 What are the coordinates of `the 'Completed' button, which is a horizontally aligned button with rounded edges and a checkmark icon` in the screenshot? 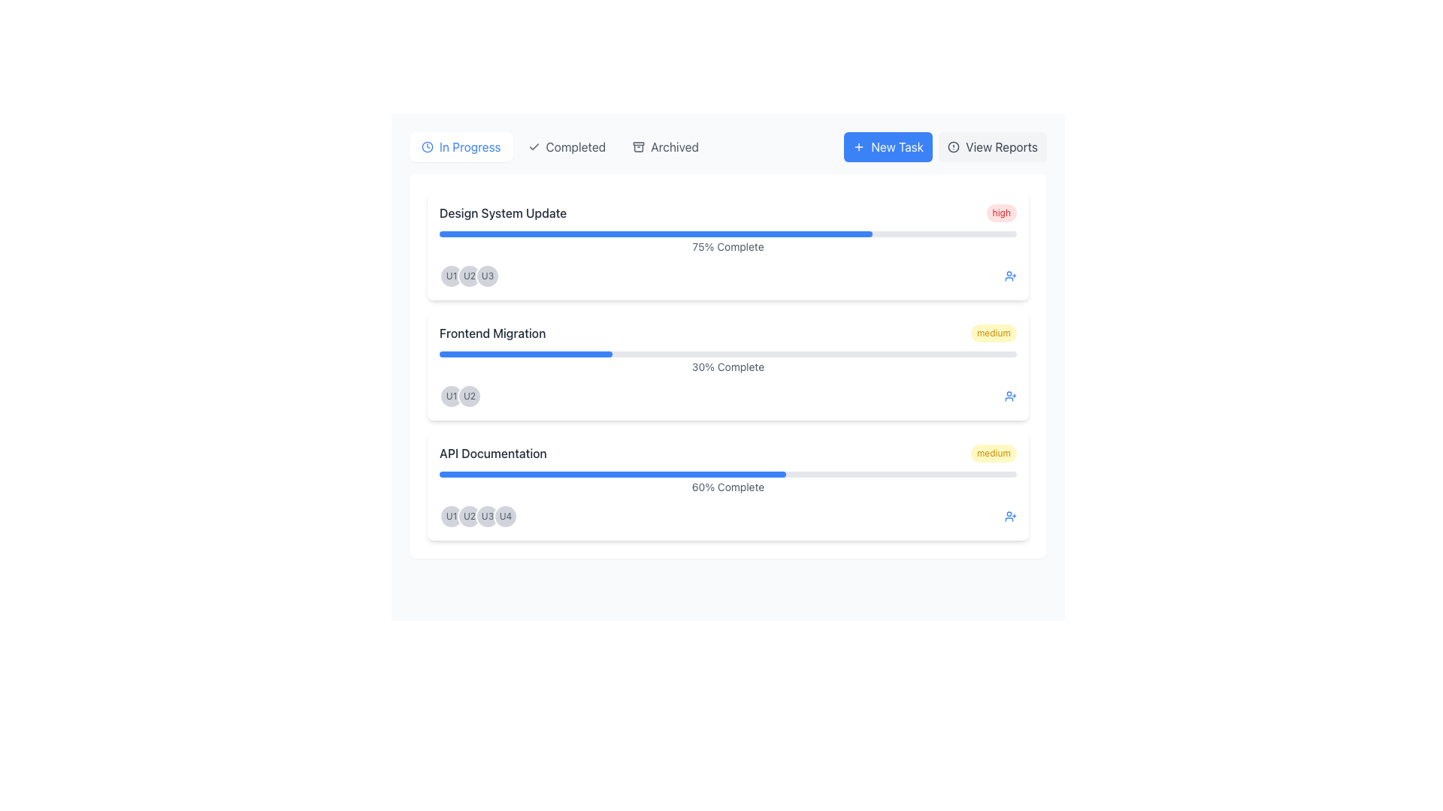 It's located at (566, 147).